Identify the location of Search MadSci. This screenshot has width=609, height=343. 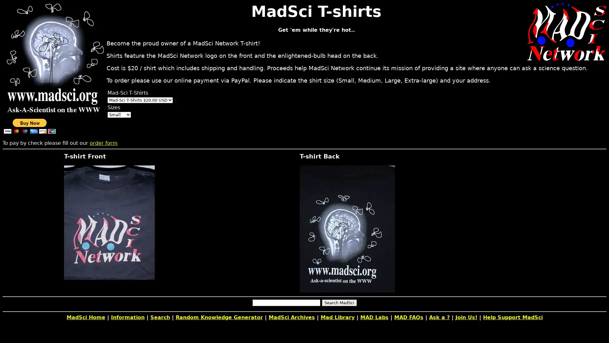
(339, 302).